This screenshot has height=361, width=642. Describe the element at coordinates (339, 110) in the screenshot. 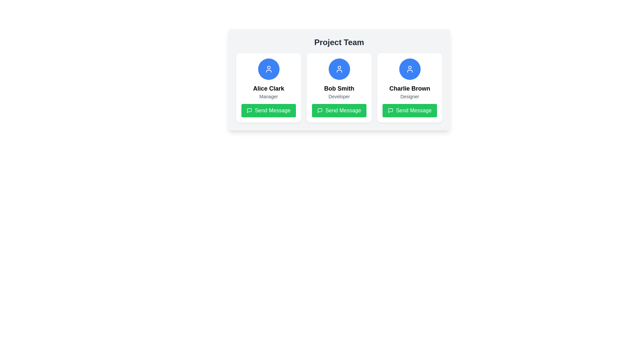

I see `the communication button located centrally within the second card under the profile of 'Bob Smith' in the Project Team section` at that location.